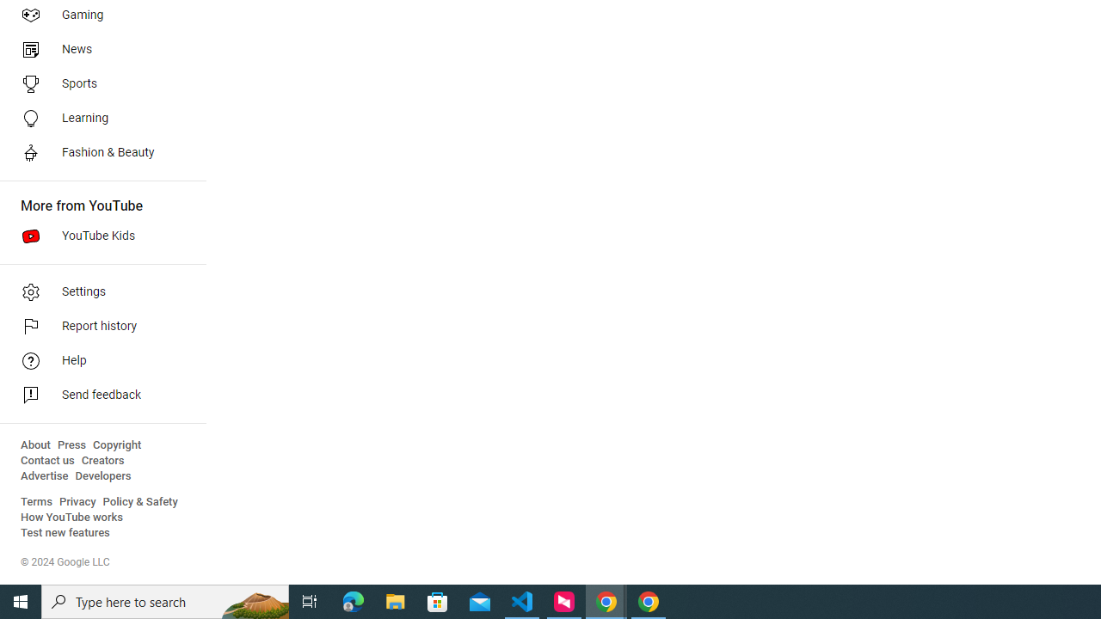 The width and height of the screenshot is (1101, 619). Describe the element at coordinates (71, 444) in the screenshot. I see `'Press'` at that location.